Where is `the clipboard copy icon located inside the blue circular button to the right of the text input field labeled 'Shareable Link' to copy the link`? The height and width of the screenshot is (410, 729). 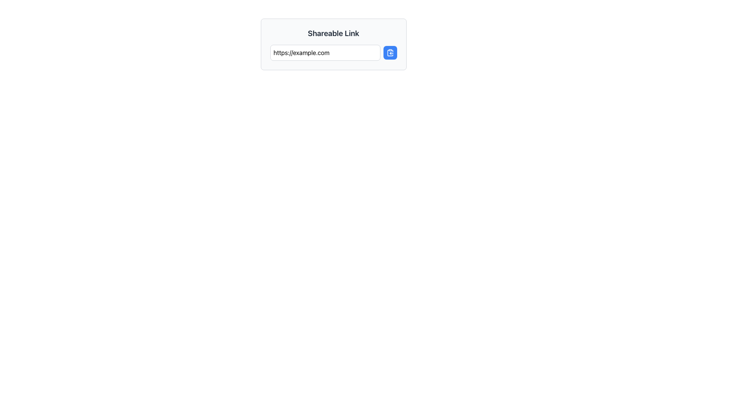 the clipboard copy icon located inside the blue circular button to the right of the text input field labeled 'Shareable Link' to copy the link is located at coordinates (390, 52).